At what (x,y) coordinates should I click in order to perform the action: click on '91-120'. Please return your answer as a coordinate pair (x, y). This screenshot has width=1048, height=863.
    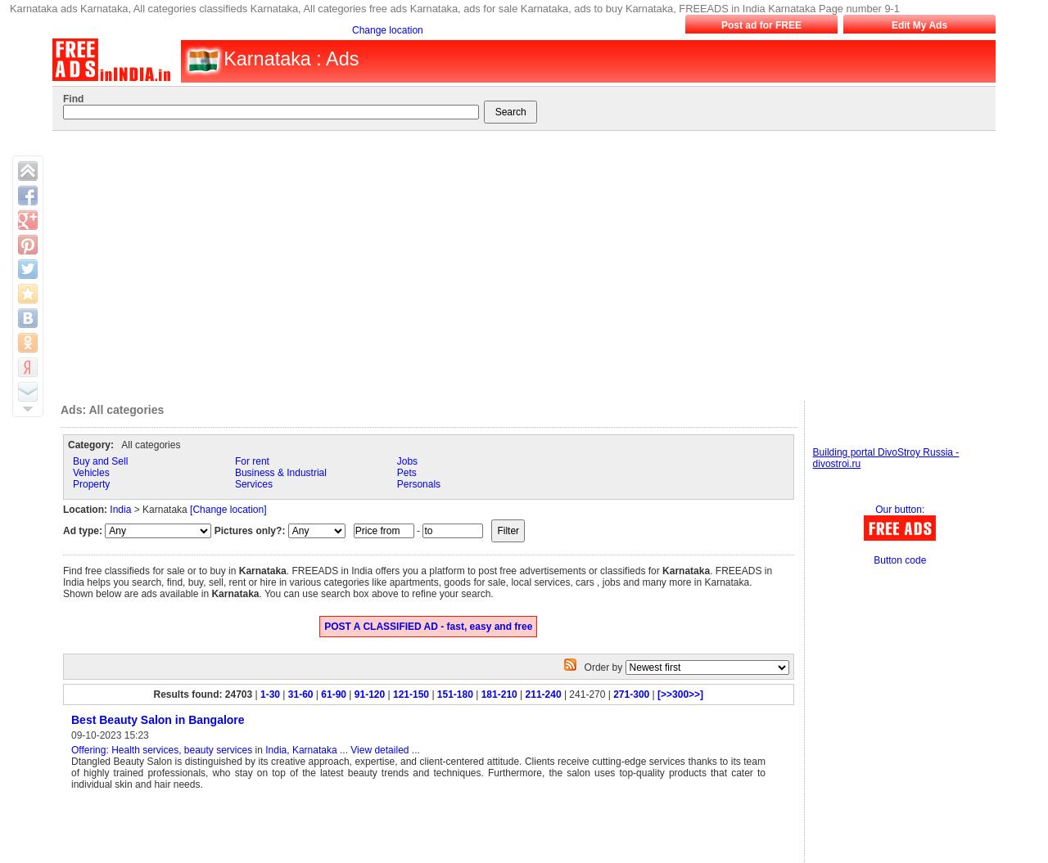
    Looking at the image, I should click on (368, 694).